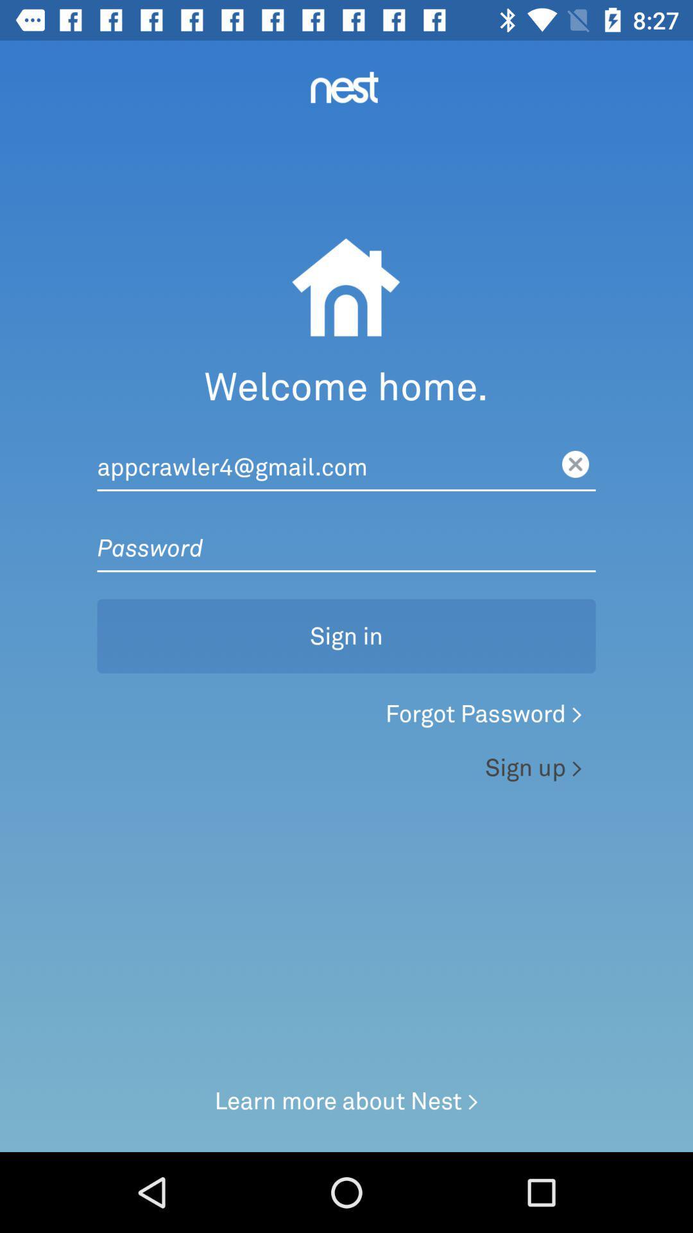 The width and height of the screenshot is (693, 1233). What do you see at coordinates (346, 615) in the screenshot?
I see `the sign in button on the web page` at bounding box center [346, 615].